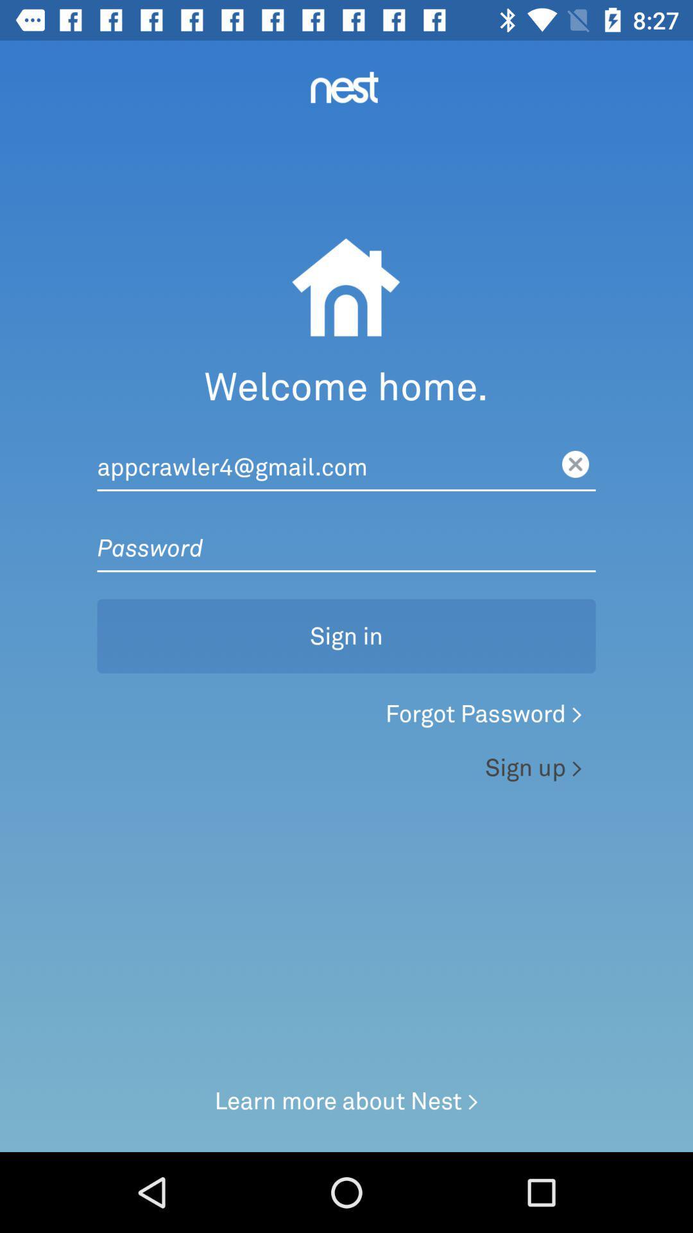 The width and height of the screenshot is (693, 1233). What do you see at coordinates (346, 615) in the screenshot?
I see `the sign in button on the web page` at bounding box center [346, 615].